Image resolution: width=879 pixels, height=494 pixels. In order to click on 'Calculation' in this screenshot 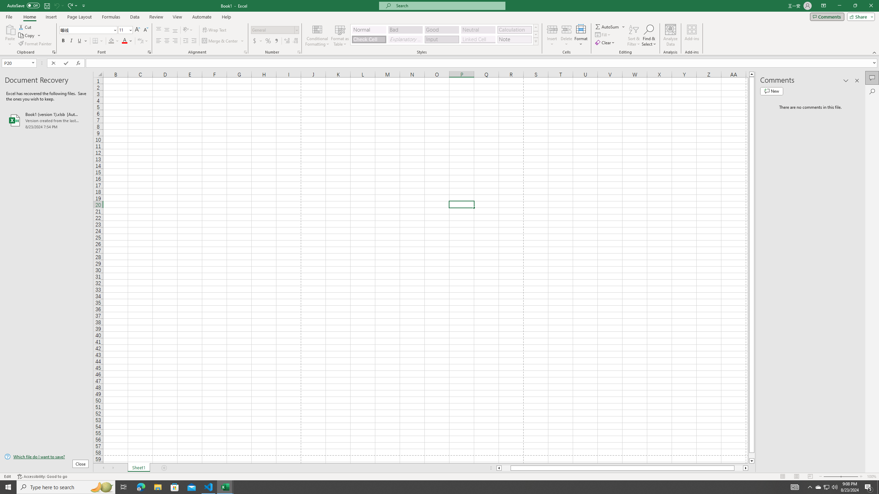, I will do `click(514, 30)`.